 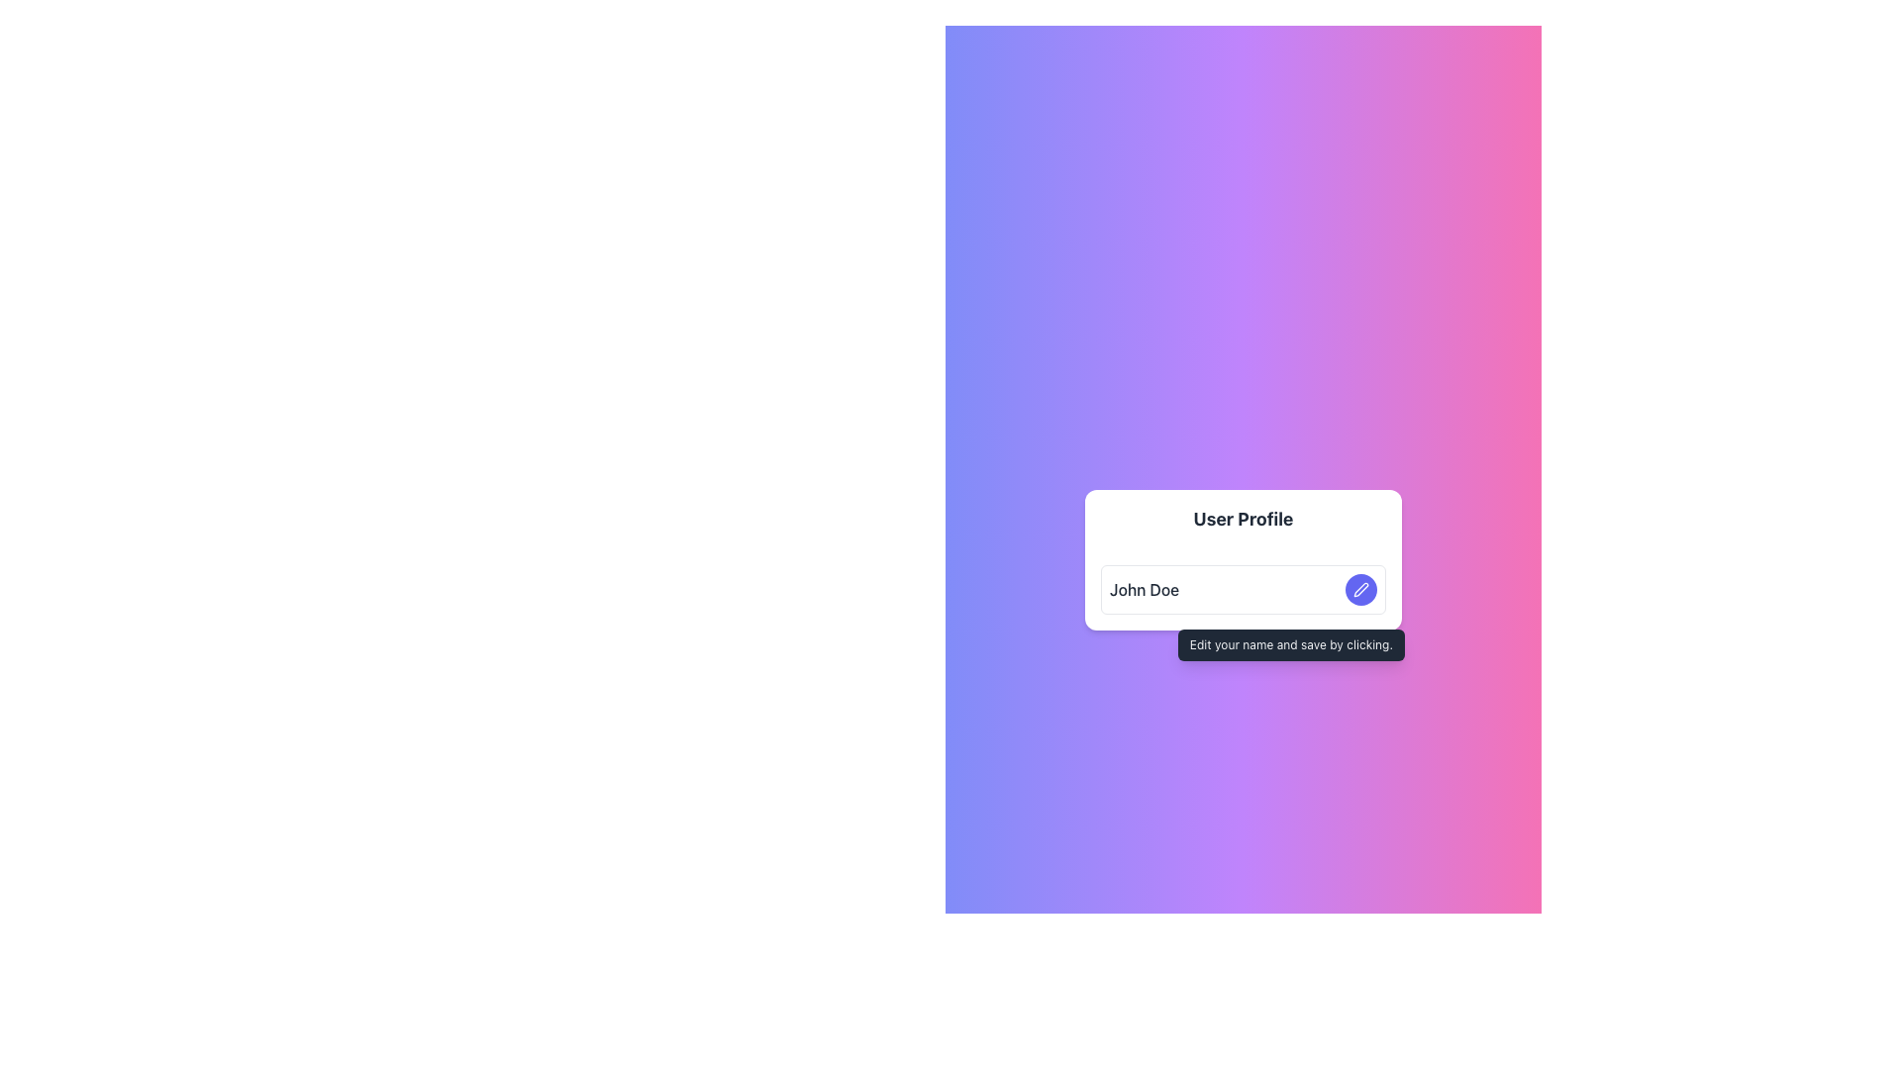 What do you see at coordinates (1359, 589) in the screenshot?
I see `the circular button with a purple background and a white pen icon, located on the right side of the profile information box` at bounding box center [1359, 589].